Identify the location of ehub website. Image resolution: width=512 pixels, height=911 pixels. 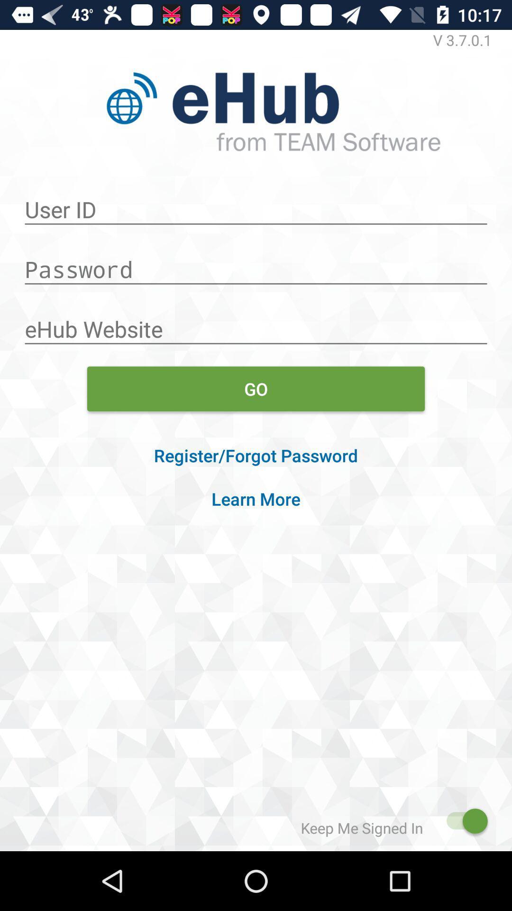
(256, 324).